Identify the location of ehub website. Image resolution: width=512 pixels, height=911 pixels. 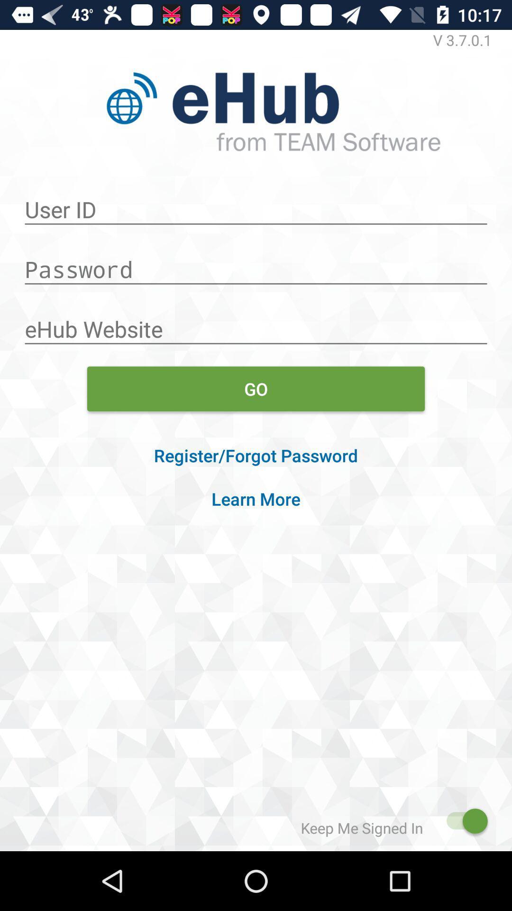
(256, 324).